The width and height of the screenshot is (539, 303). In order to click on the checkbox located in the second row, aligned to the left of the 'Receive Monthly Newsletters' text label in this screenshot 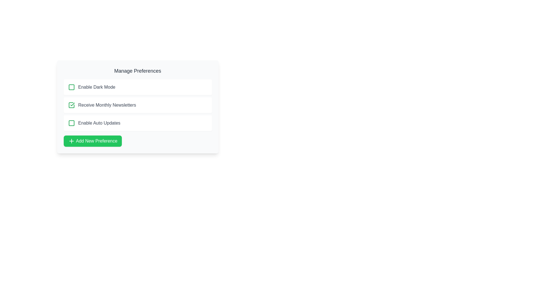, I will do `click(71, 105)`.